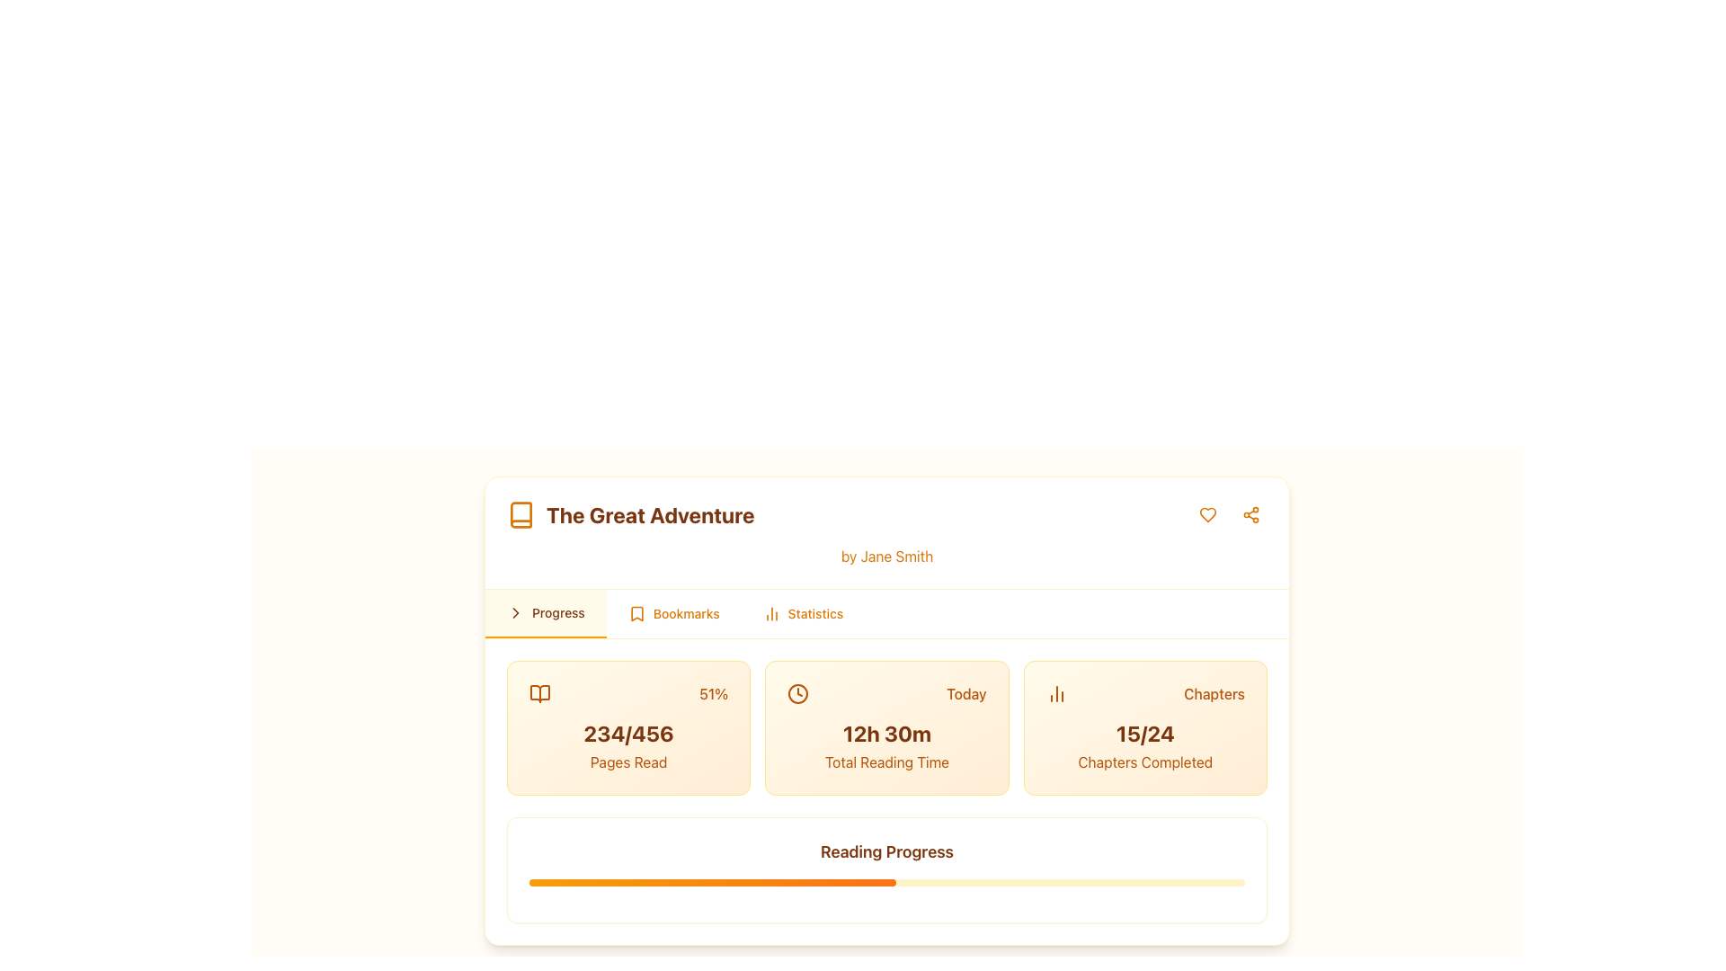 Image resolution: width=1726 pixels, height=971 pixels. Describe the element at coordinates (649, 515) in the screenshot. I see `the header element labeled 'The Great Adventure', which is located centrally in the upper section of a card-like interface, to the immediate right of a book icon` at that location.